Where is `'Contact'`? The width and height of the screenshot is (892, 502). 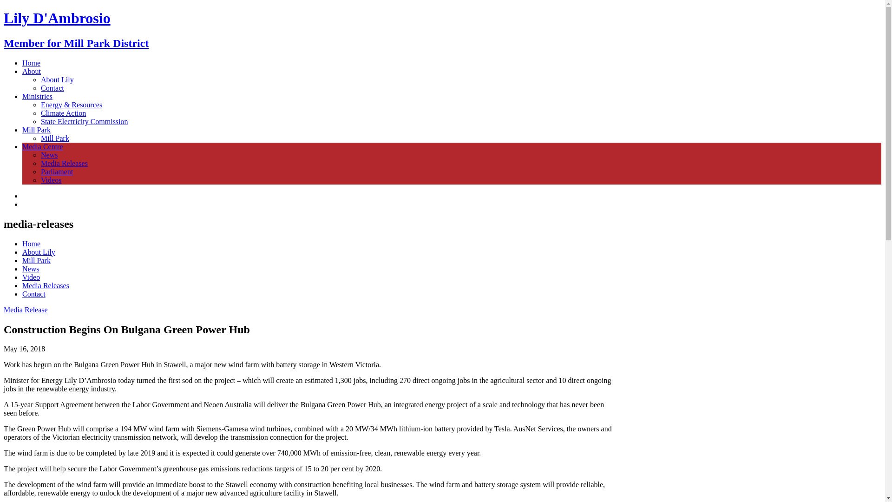
'Contact' is located at coordinates (52, 88).